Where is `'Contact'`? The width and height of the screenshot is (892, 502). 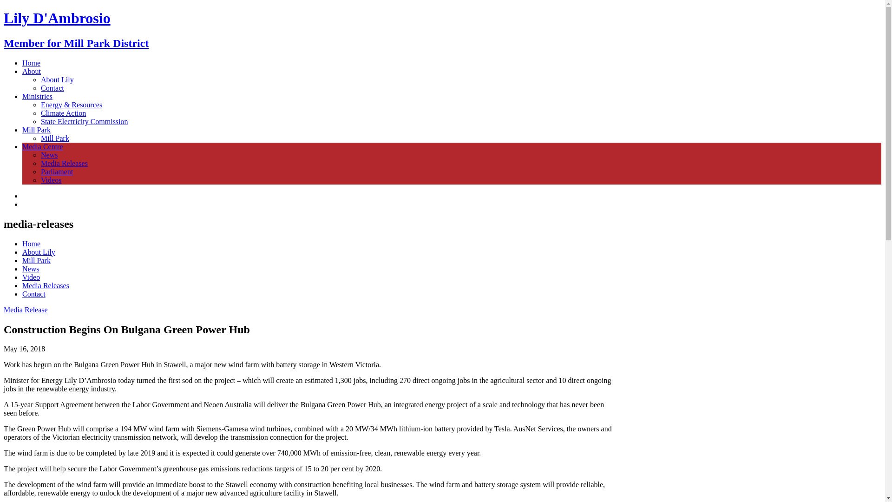
'Contact' is located at coordinates (52, 88).